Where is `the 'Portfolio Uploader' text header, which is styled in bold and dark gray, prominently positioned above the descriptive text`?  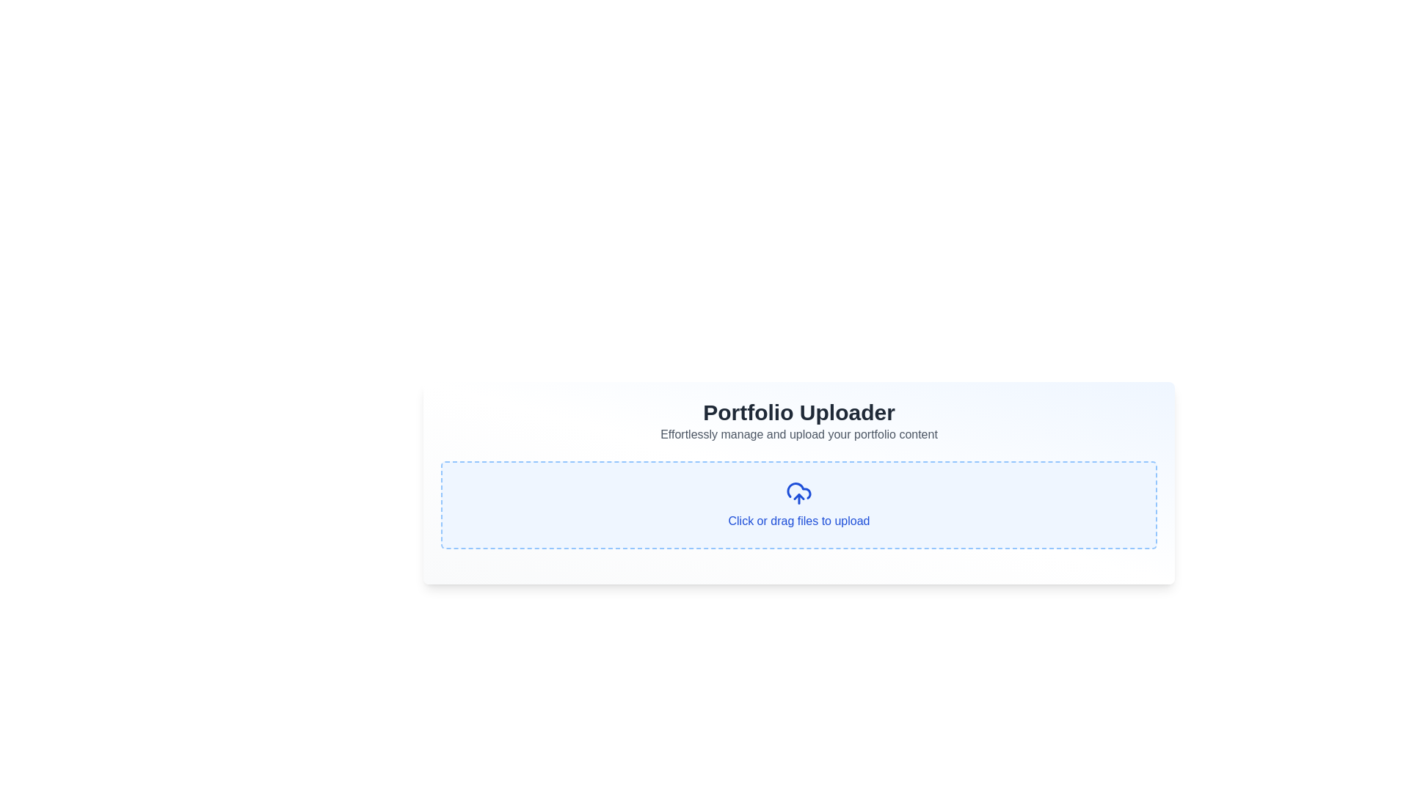 the 'Portfolio Uploader' text header, which is styled in bold and dark gray, prominently positioned above the descriptive text is located at coordinates (798, 413).